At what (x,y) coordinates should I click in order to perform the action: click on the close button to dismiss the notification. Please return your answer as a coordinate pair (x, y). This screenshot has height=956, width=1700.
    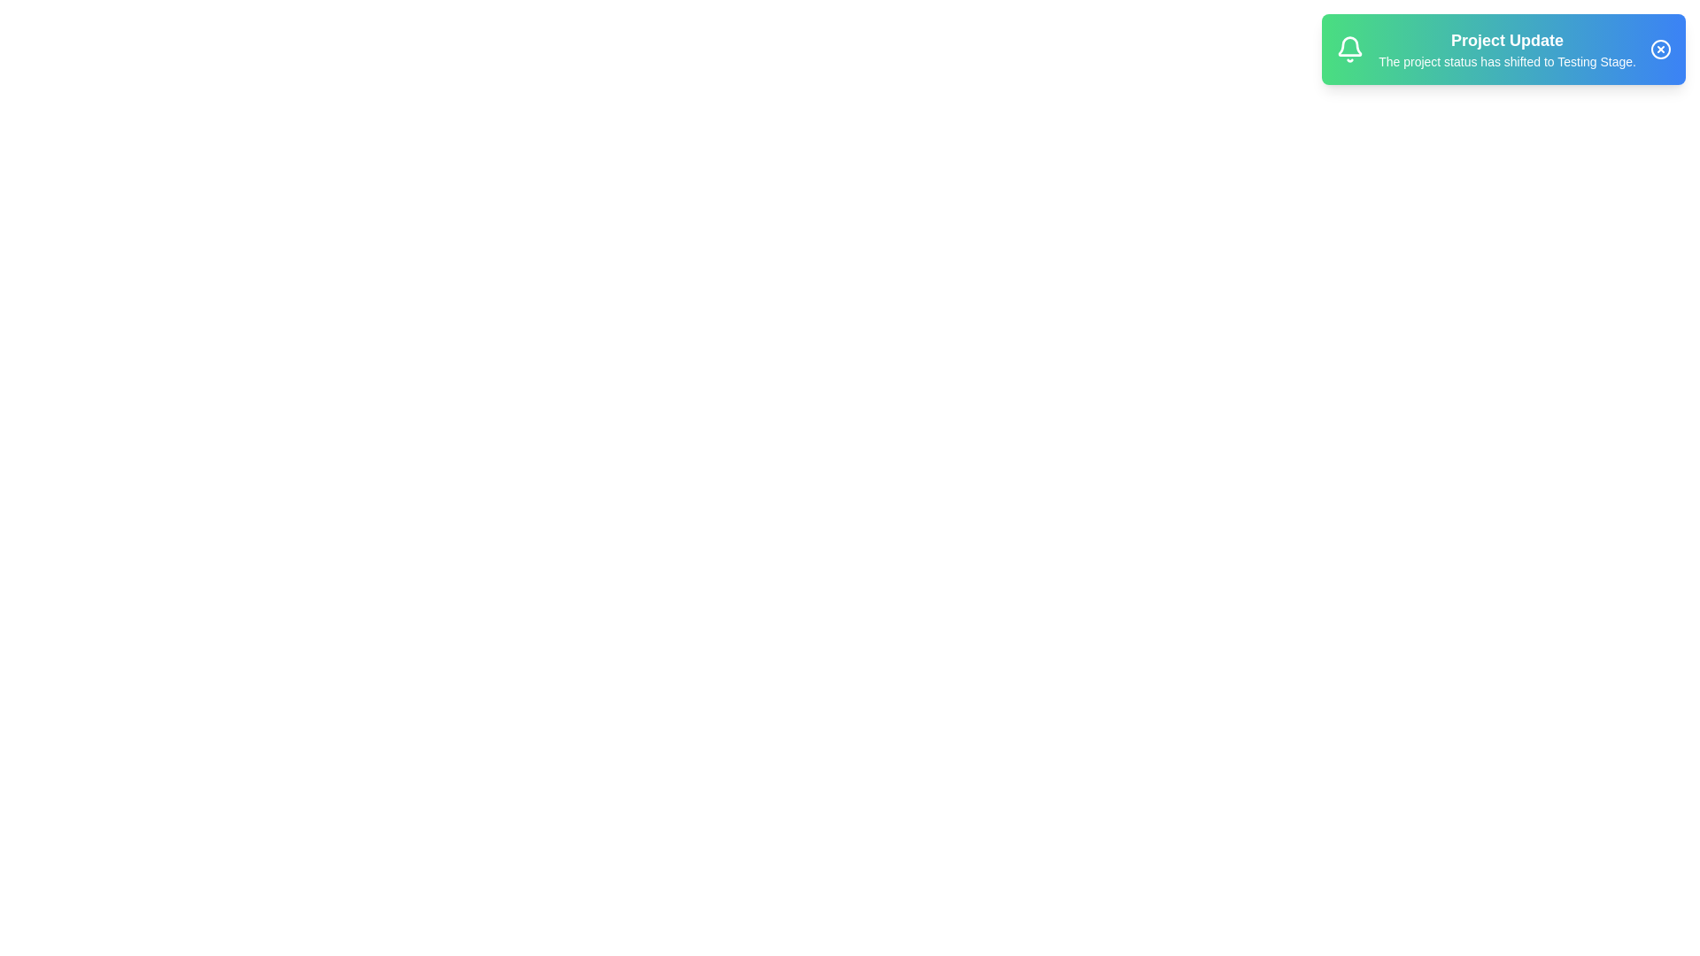
    Looking at the image, I should click on (1660, 49).